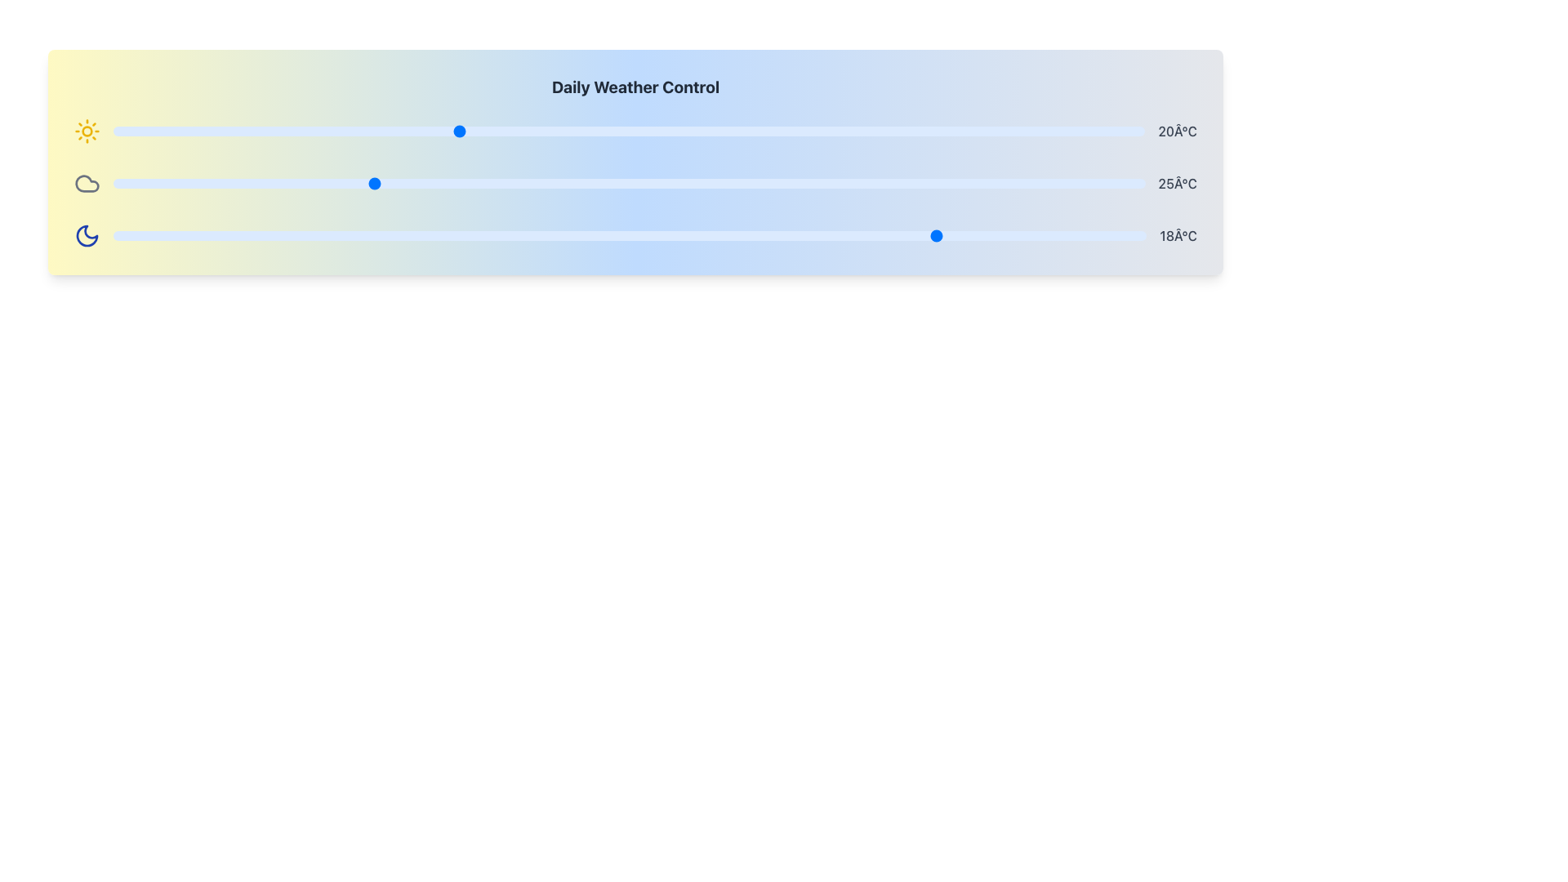 Image resolution: width=1568 pixels, height=882 pixels. Describe the element at coordinates (628, 183) in the screenshot. I see `the thumb of the range slider that adjusts the temperature value, currently set at 25°C` at that location.